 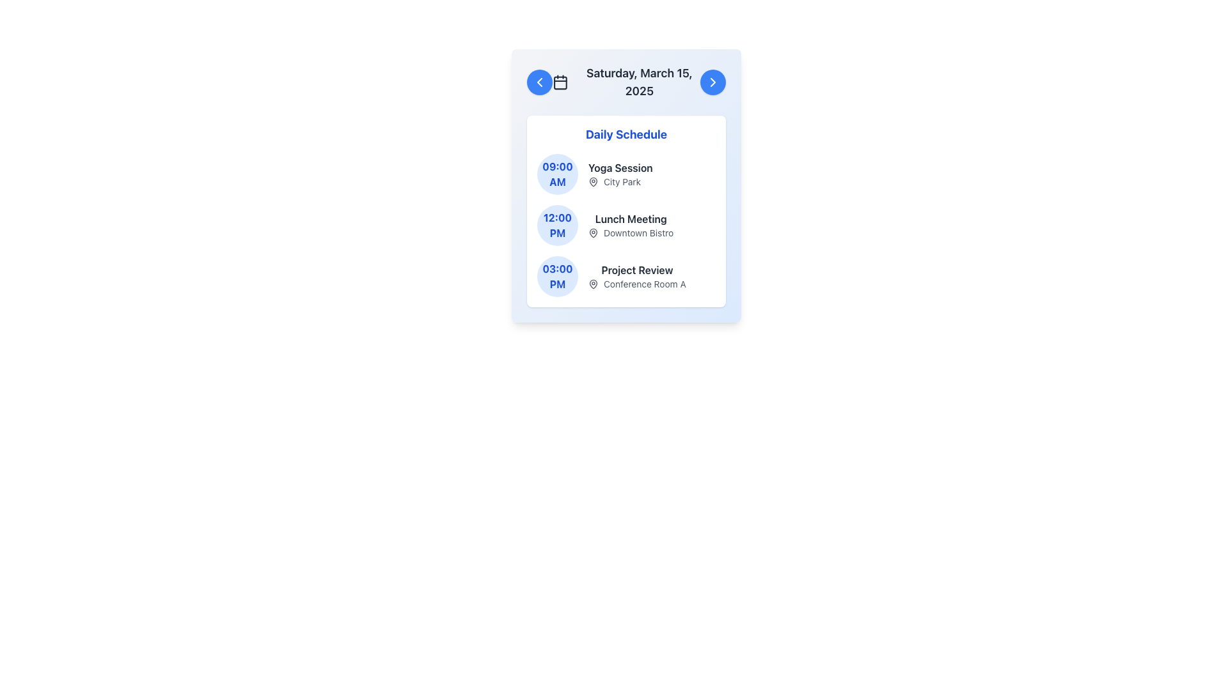 What do you see at coordinates (712, 82) in the screenshot?
I see `the right-pointing chevron icon within the circular blue button located at the top-right corner of the header bar` at bounding box center [712, 82].